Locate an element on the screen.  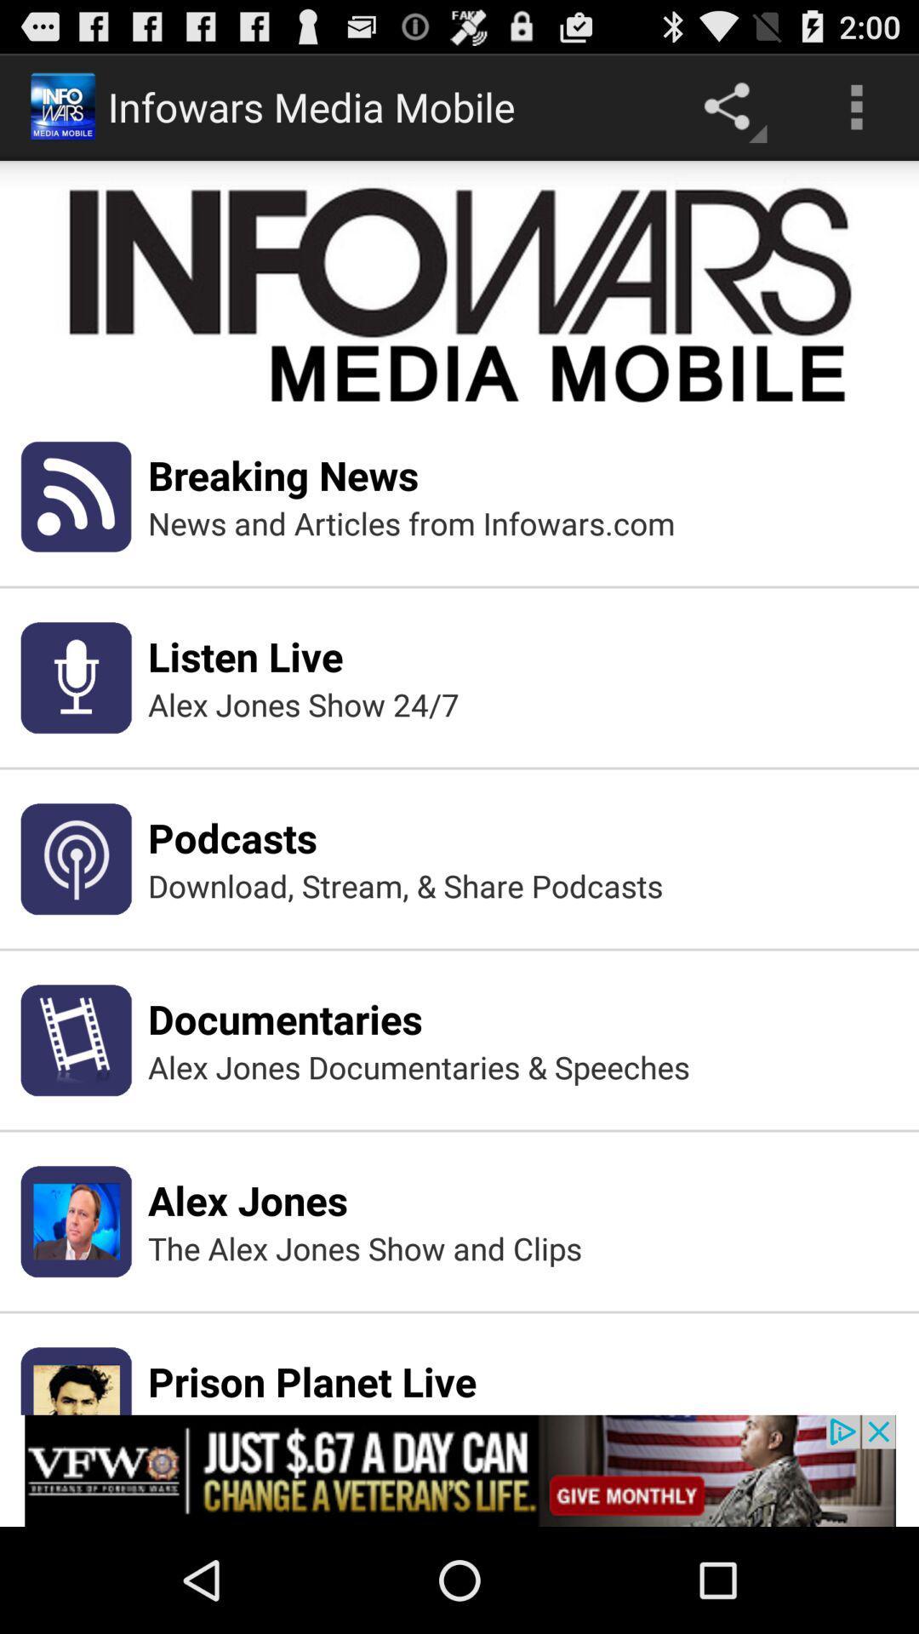
the add link is located at coordinates (459, 1470).